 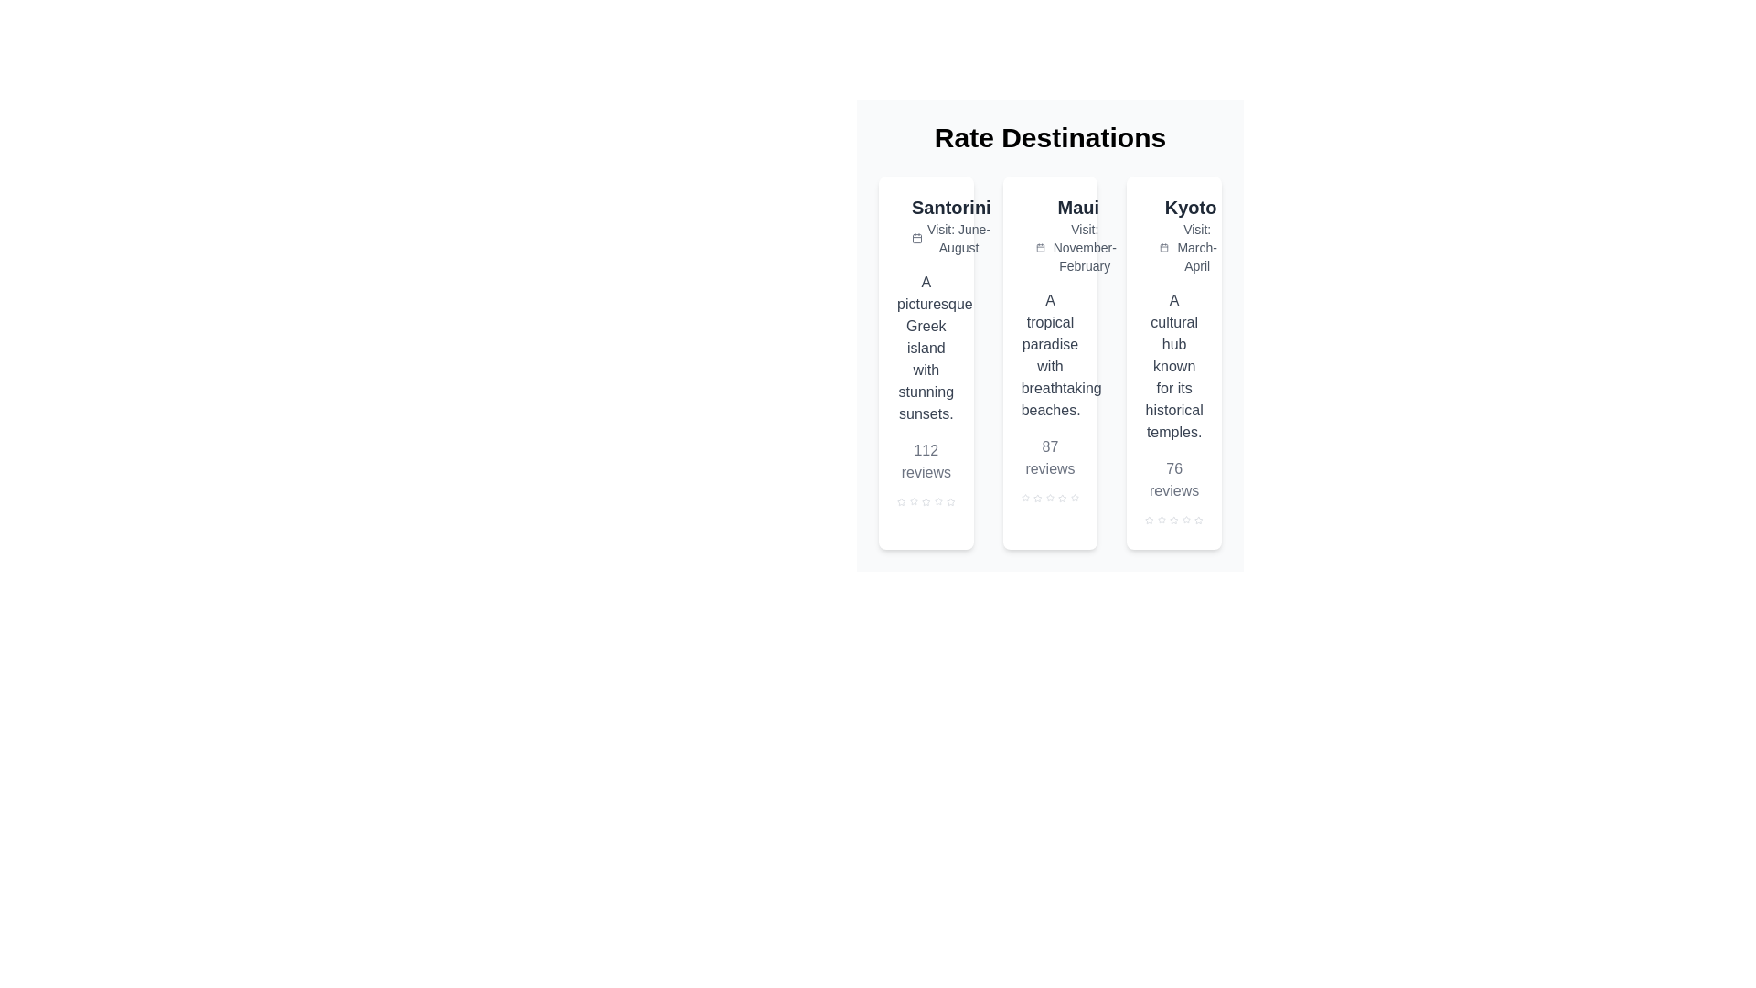 What do you see at coordinates (1050, 498) in the screenshot?
I see `the fourth star in the horizontal row of rating stars for 'Maui' in the 'Rate Destinations' section` at bounding box center [1050, 498].